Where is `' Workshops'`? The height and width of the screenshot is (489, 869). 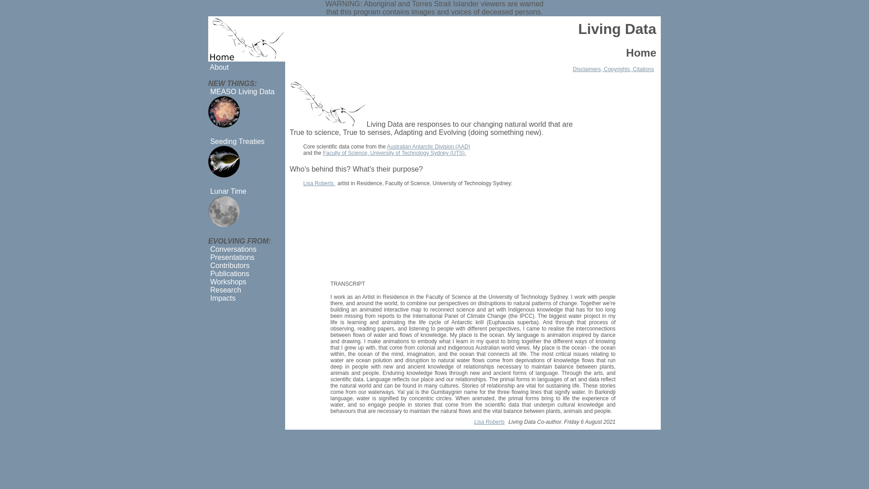 ' Workshops' is located at coordinates (227, 281).